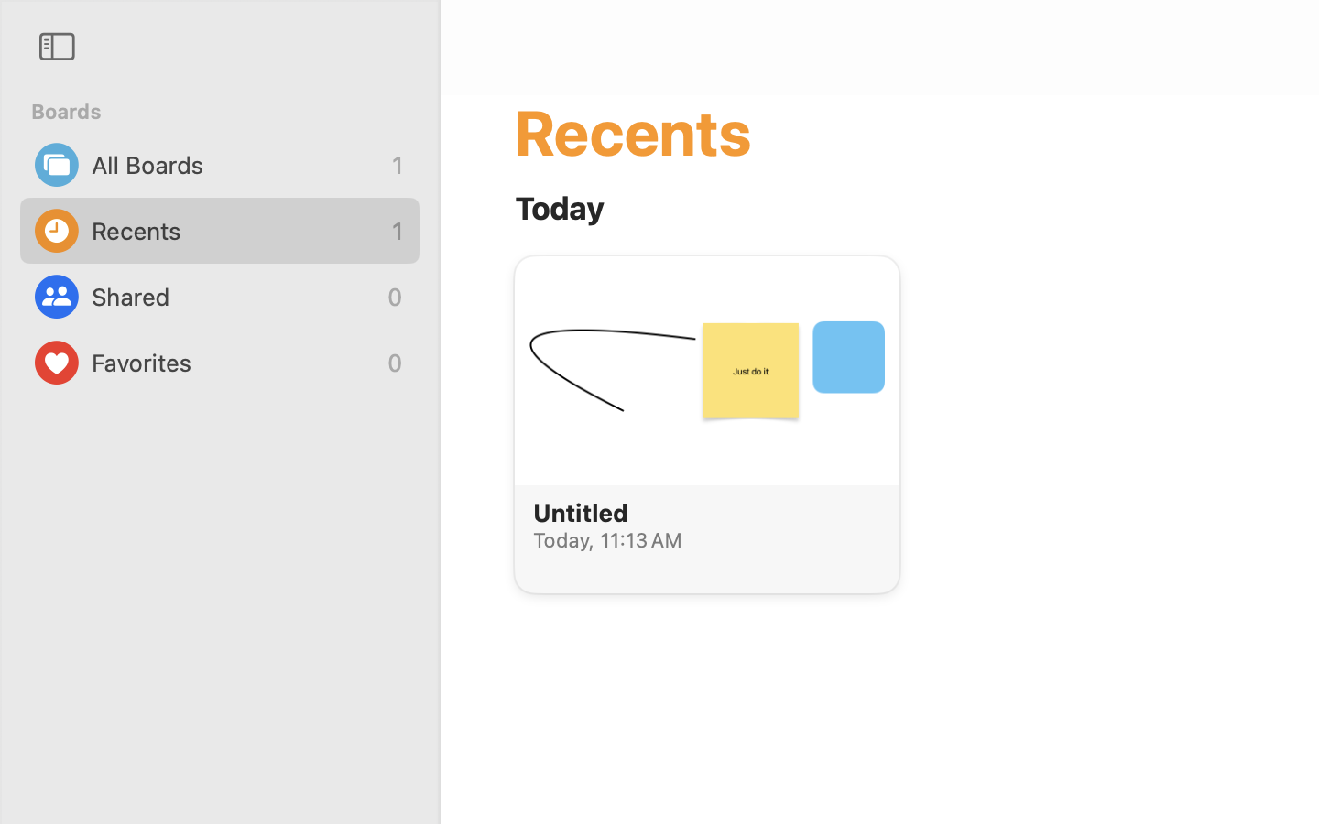 The width and height of the screenshot is (1319, 824). What do you see at coordinates (234, 363) in the screenshot?
I see `'Favorites'` at bounding box center [234, 363].